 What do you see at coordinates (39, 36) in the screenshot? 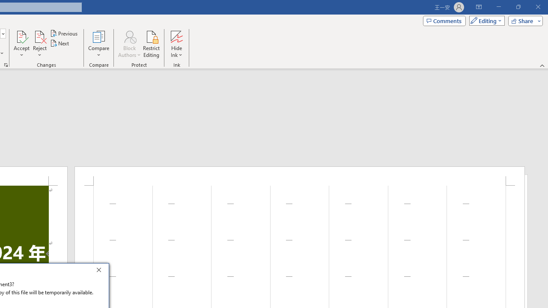
I see `'Reject and Move to Next'` at bounding box center [39, 36].